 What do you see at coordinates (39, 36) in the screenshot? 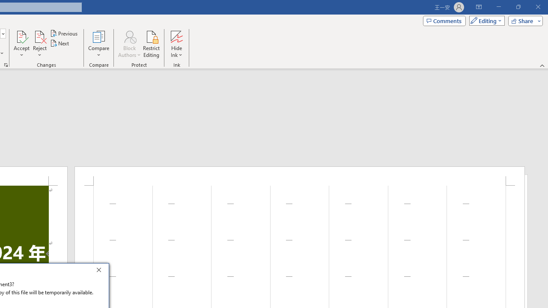
I see `'Reject and Move to Next'` at bounding box center [39, 36].